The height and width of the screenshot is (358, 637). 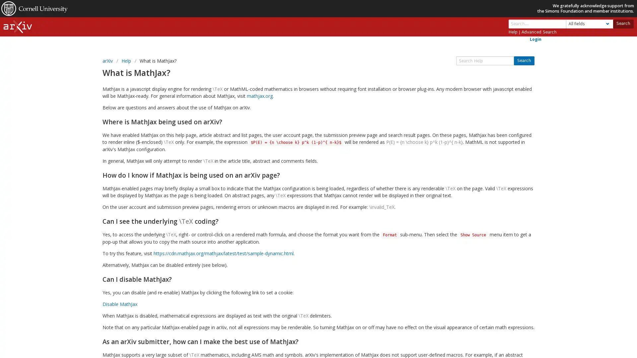 I want to click on Search, so click(x=622, y=23).